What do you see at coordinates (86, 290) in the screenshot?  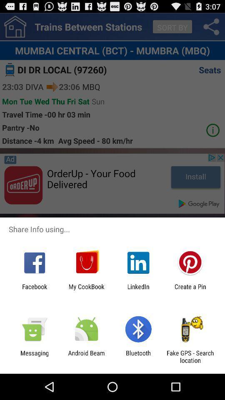 I see `the app next to the facebook` at bounding box center [86, 290].